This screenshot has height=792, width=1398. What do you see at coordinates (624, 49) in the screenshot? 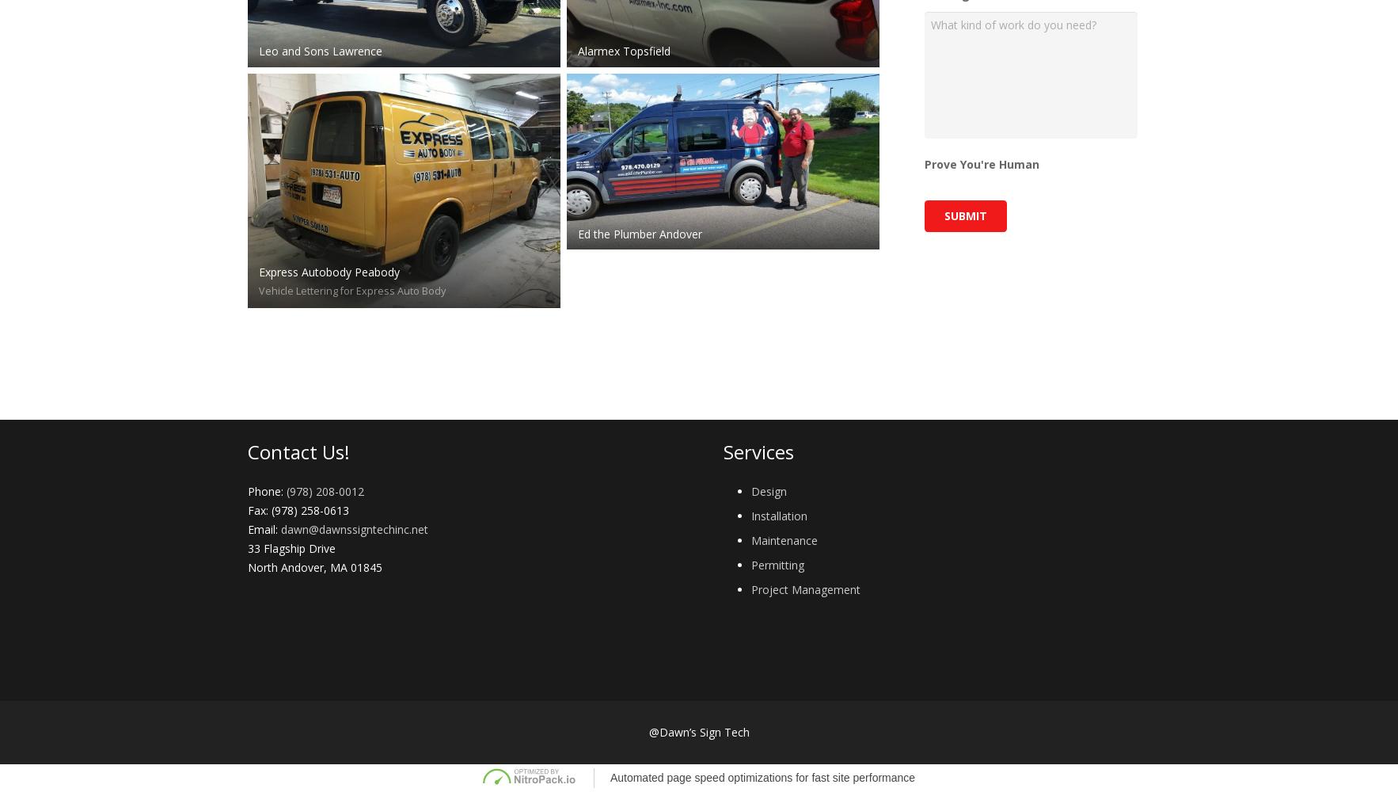
I see `'Alarmex Topsfield'` at bounding box center [624, 49].